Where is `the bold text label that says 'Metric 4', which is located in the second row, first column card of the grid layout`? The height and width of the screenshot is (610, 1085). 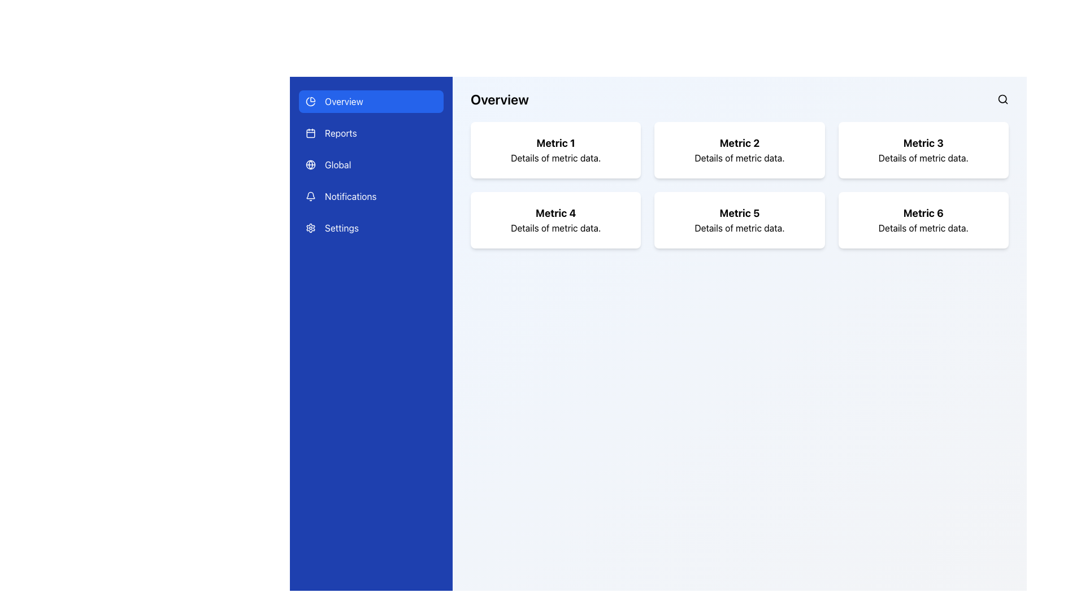
the bold text label that says 'Metric 4', which is located in the second row, first column card of the grid layout is located at coordinates (555, 213).